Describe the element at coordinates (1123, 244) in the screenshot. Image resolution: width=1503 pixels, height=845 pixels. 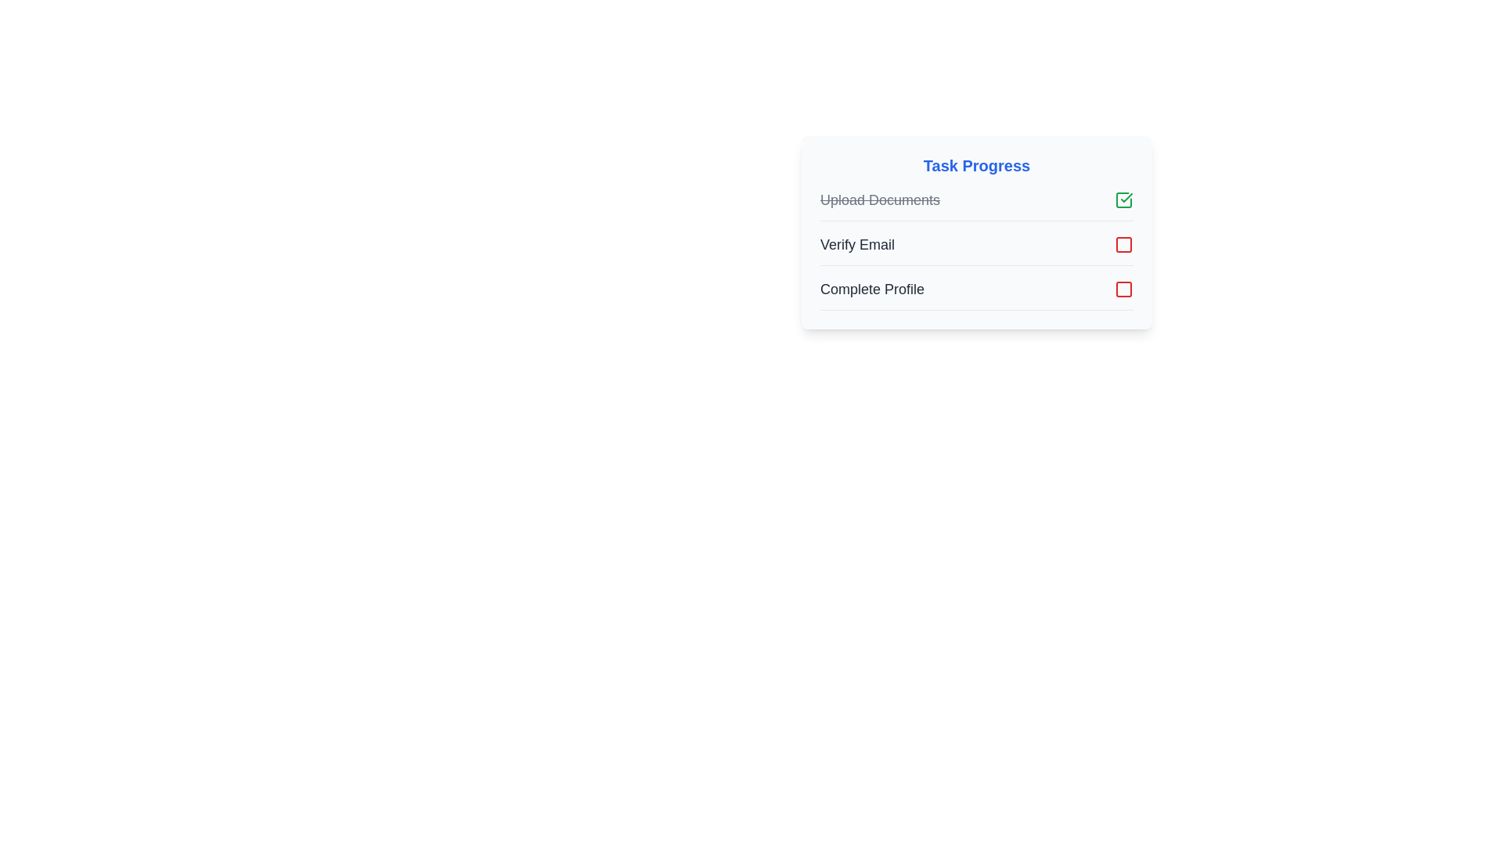
I see `the second interactive icon in the checklist interface, located inside the 'Task Progress' panel` at that location.